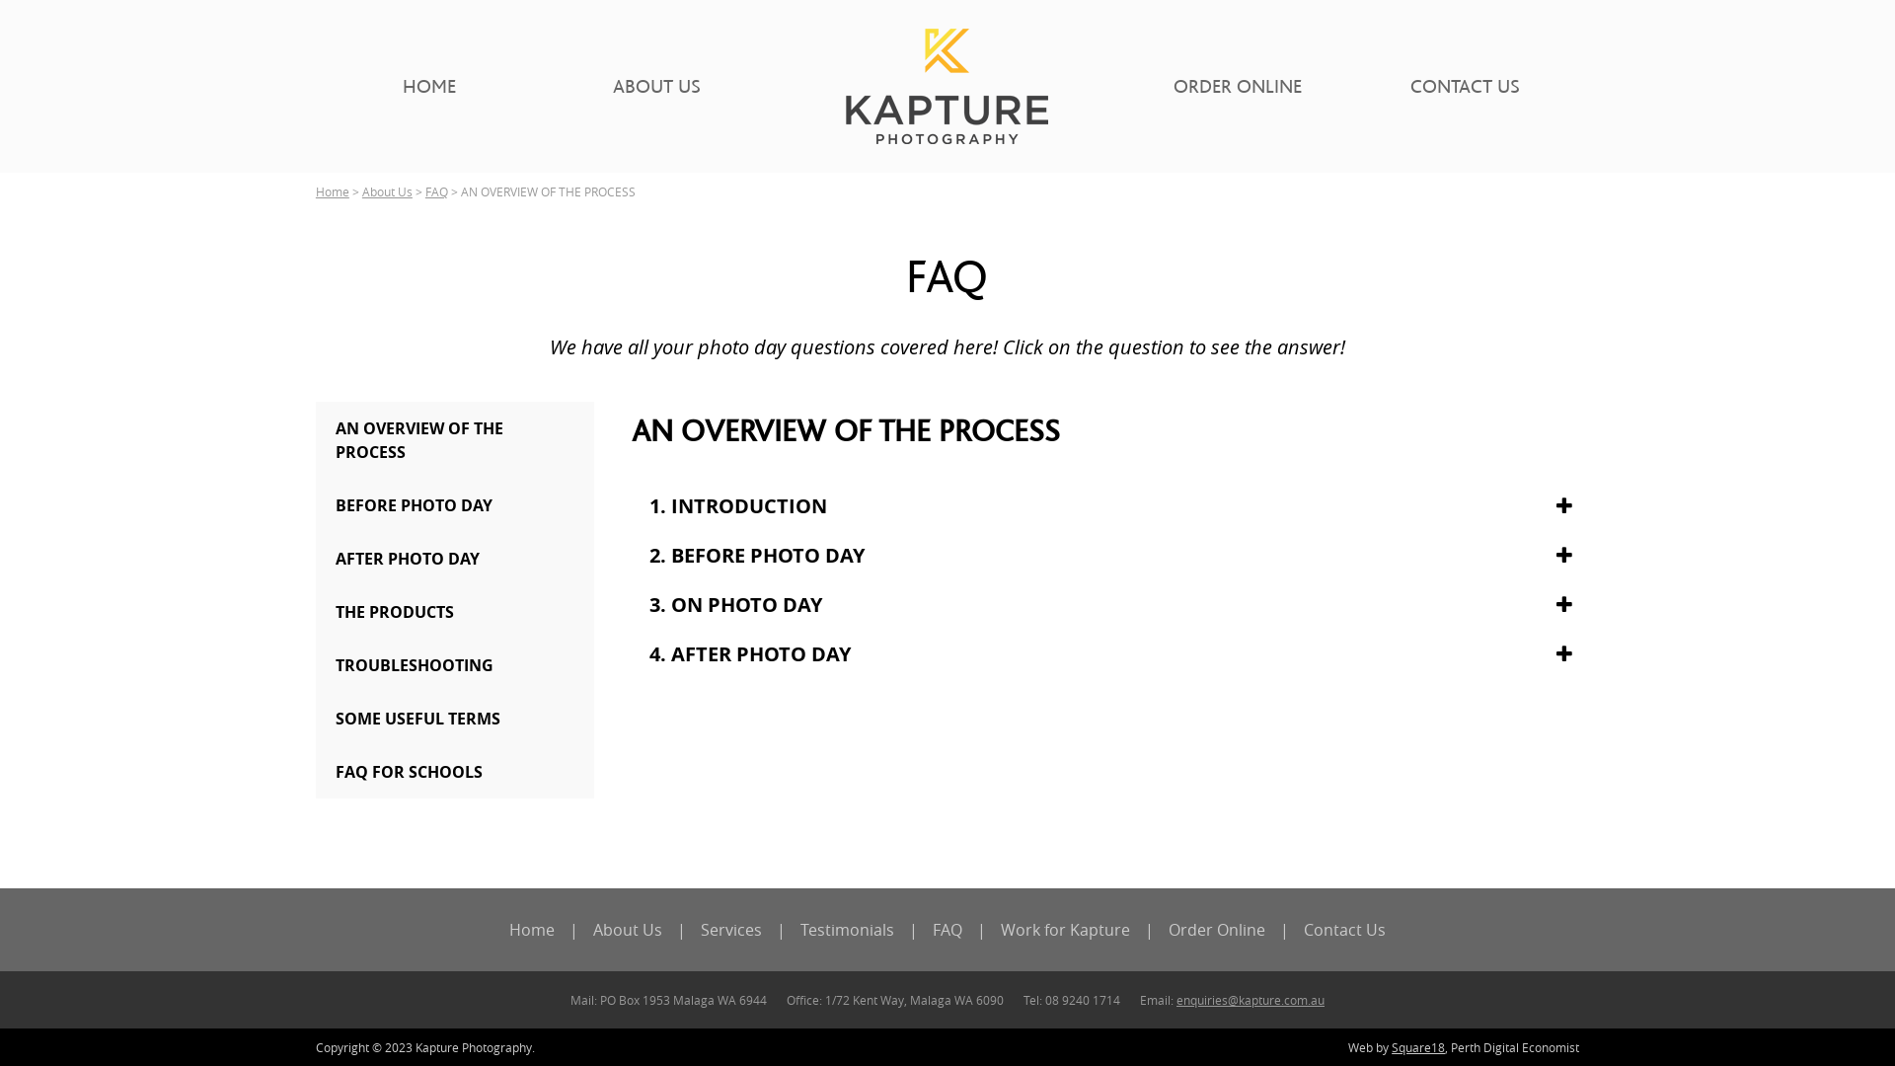 Image resolution: width=1895 pixels, height=1066 pixels. Describe the element at coordinates (453, 439) in the screenshot. I see `'AN OVERVIEW OF THE PROCESS'` at that location.